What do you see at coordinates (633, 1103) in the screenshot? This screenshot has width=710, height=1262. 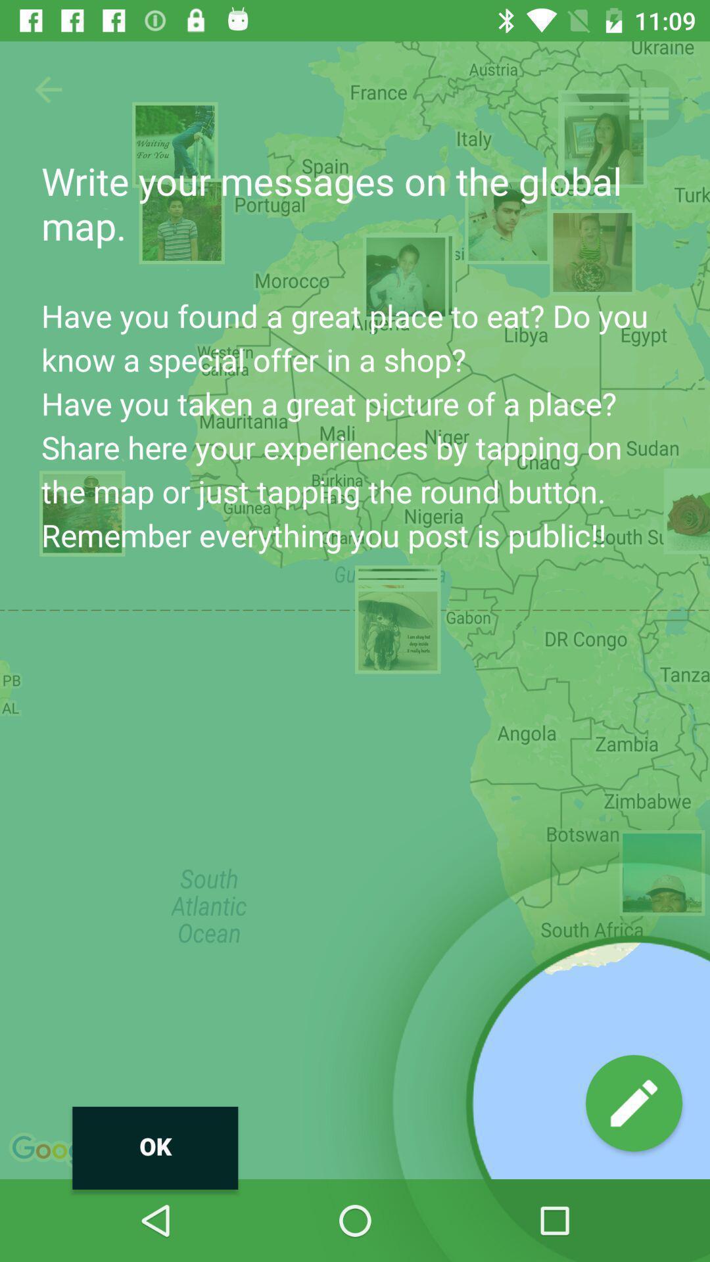 I see `icon next to ok item` at bounding box center [633, 1103].